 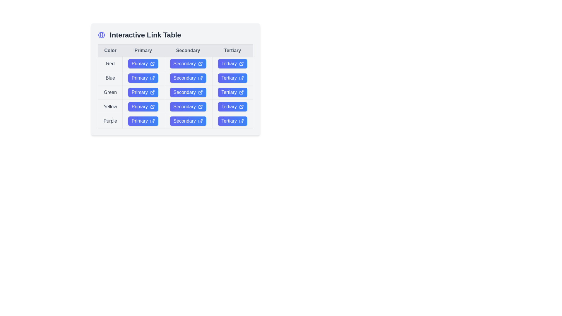 What do you see at coordinates (175, 78) in the screenshot?
I see `the 'Secondary' button` at bounding box center [175, 78].